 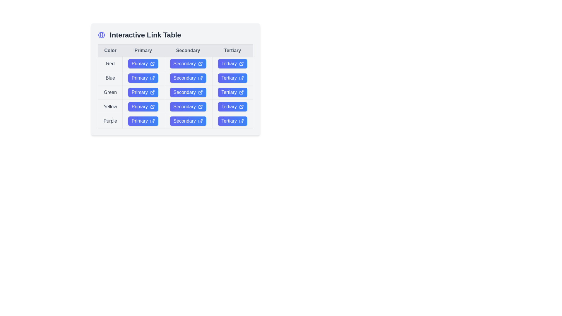 What do you see at coordinates (175, 78) in the screenshot?
I see `the 'Secondary' button` at bounding box center [175, 78].